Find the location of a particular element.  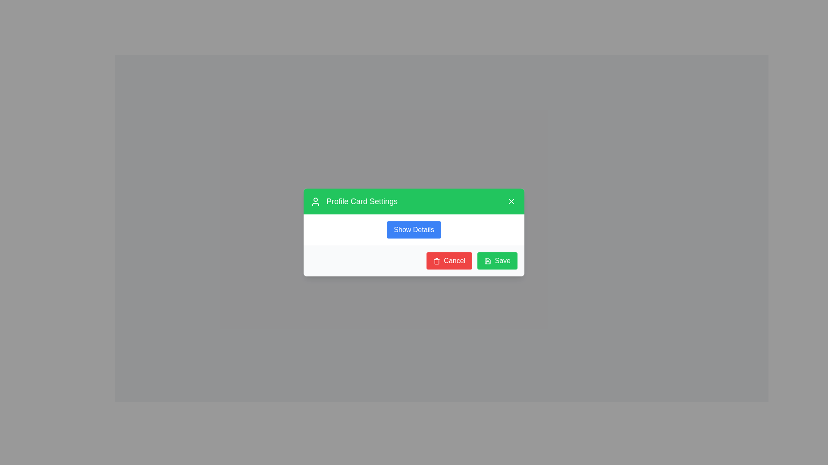

the rectangular 'Cancel' button with a red background and white text, which displays a trash can icon to its left, located in the footer section of a modal dialog is located at coordinates (448, 260).